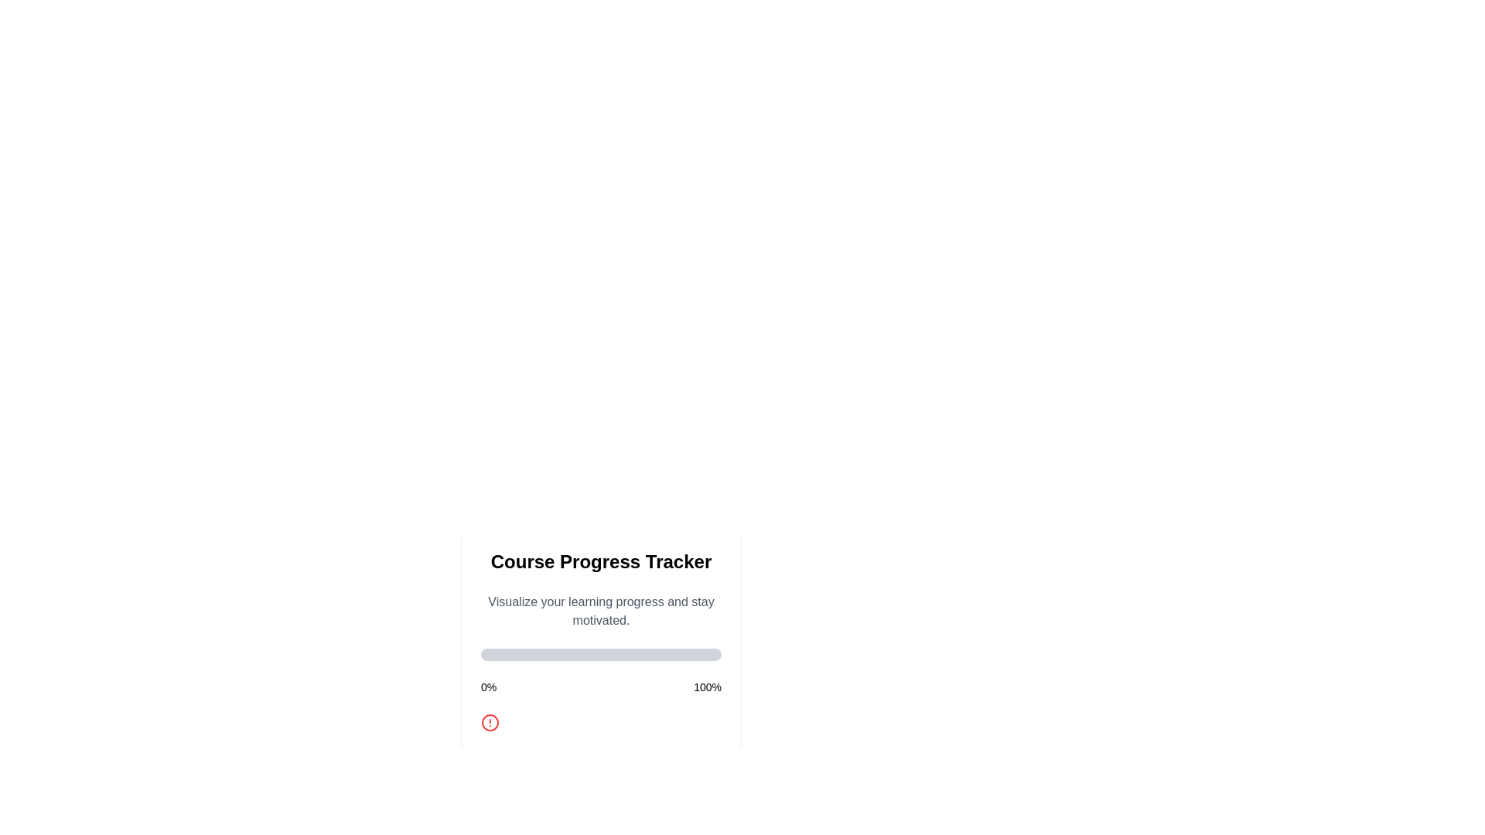  What do you see at coordinates (600, 561) in the screenshot?
I see `the black bold text block reading 'Course Progress Tracker' that is centrally aligned at the top of the card interface` at bounding box center [600, 561].